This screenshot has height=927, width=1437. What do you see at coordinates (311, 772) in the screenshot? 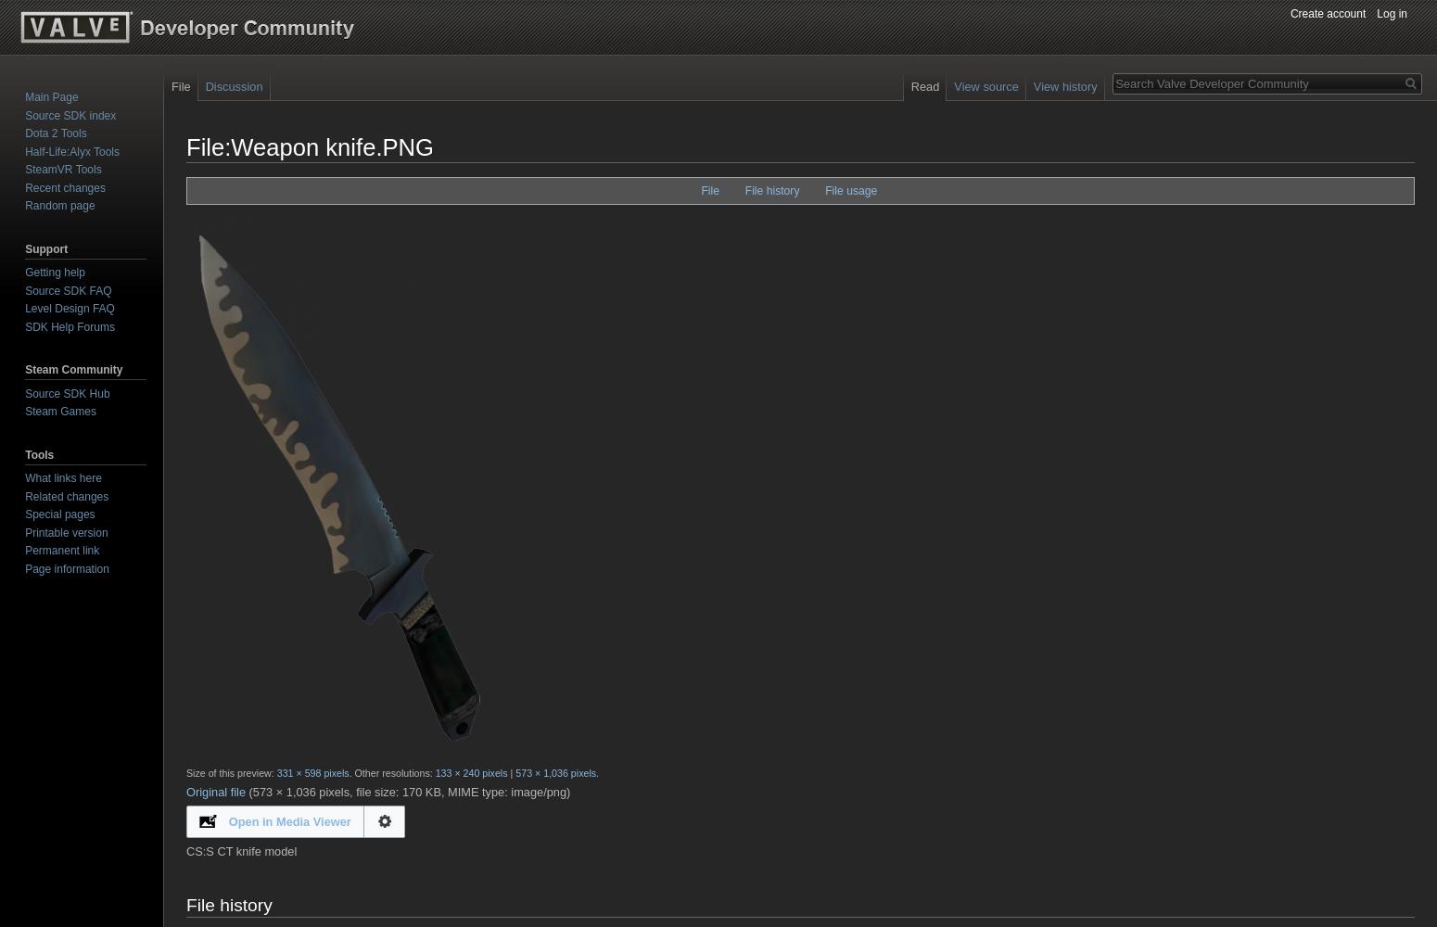
I see `'331 × 598 pixels'` at bounding box center [311, 772].